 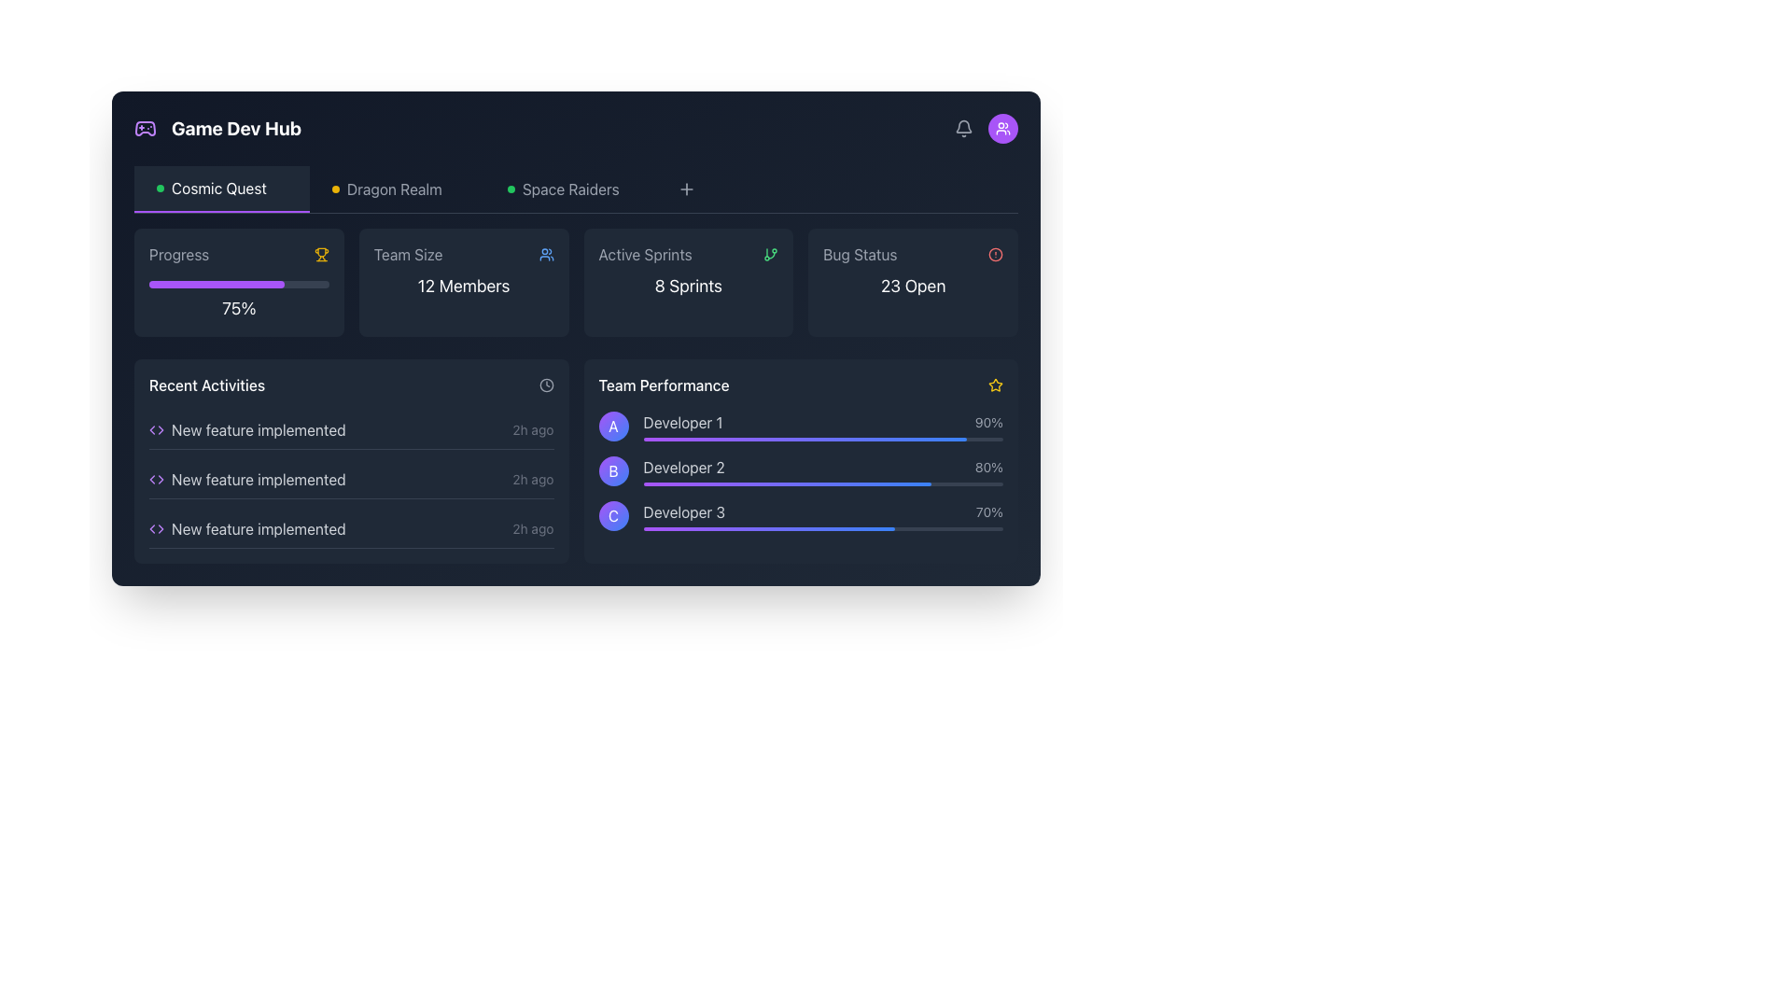 I want to click on the text label displaying '2h ago' located in the bottom-right corner of the 'Recent Activities' section, so click(x=532, y=430).